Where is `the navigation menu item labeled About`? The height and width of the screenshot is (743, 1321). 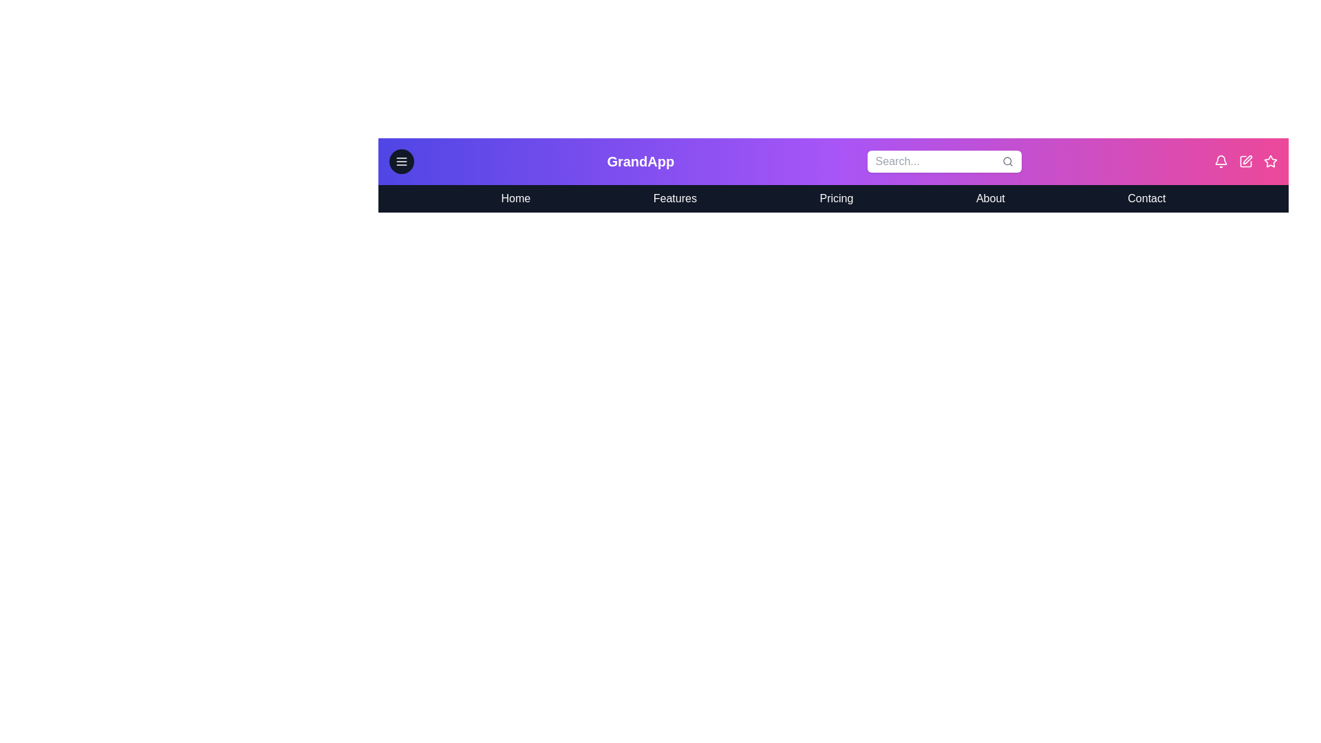
the navigation menu item labeled About is located at coordinates (989, 199).